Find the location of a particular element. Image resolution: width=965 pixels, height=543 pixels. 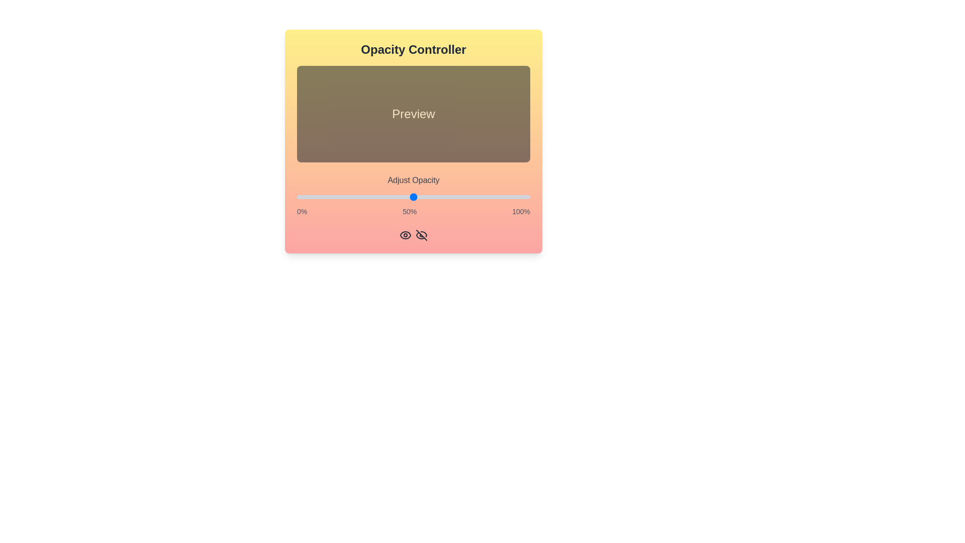

the 'Eye' icon to toggle visibility is located at coordinates (405, 235).